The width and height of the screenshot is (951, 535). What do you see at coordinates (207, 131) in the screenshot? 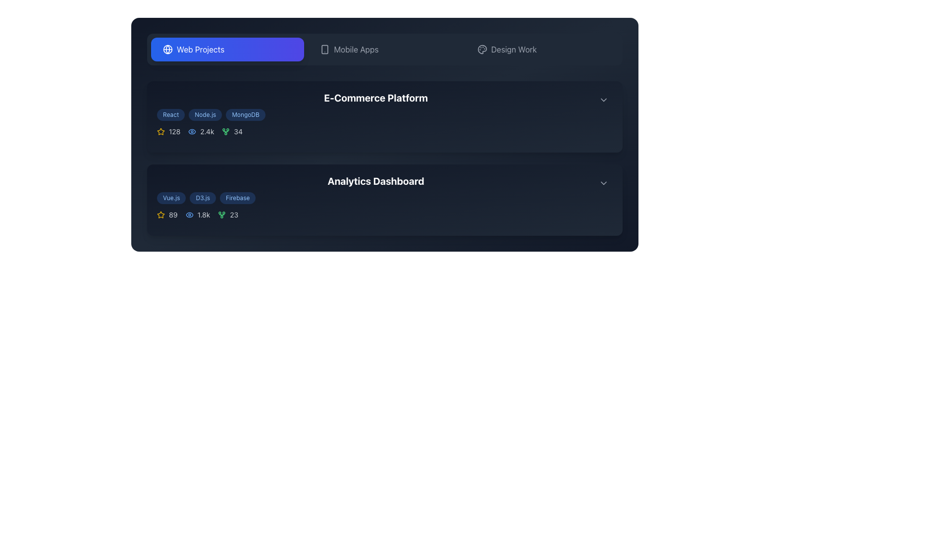
I see `text content of the numeric count label displaying '2.4k' located to the right of the eye icon in the E-Commerce Platform section` at bounding box center [207, 131].